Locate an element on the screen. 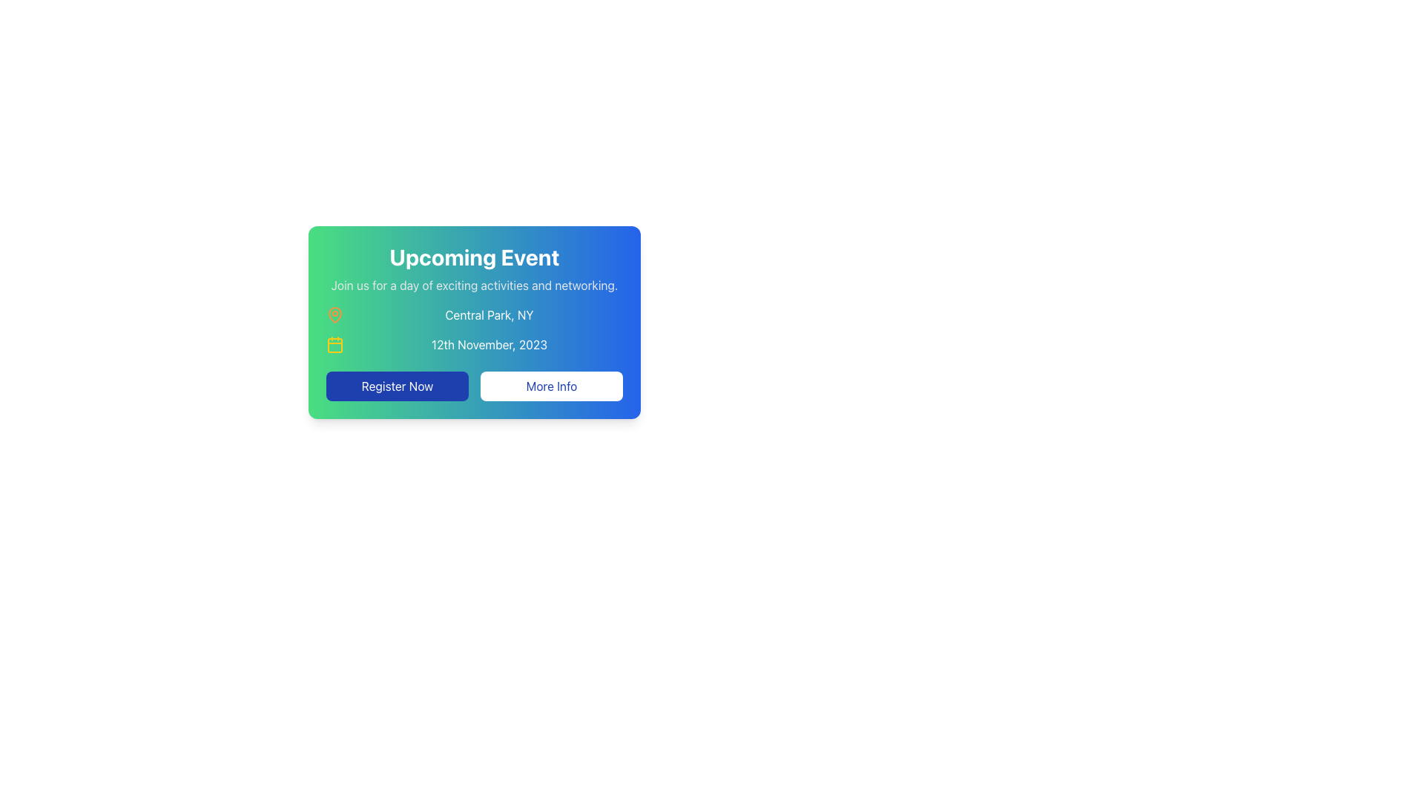 Image resolution: width=1424 pixels, height=801 pixels. the stylized pin icon representing a geographic location, which is orange and located above the calendar icon, adjacent to the text 'Central Park, NY' is located at coordinates (334, 314).